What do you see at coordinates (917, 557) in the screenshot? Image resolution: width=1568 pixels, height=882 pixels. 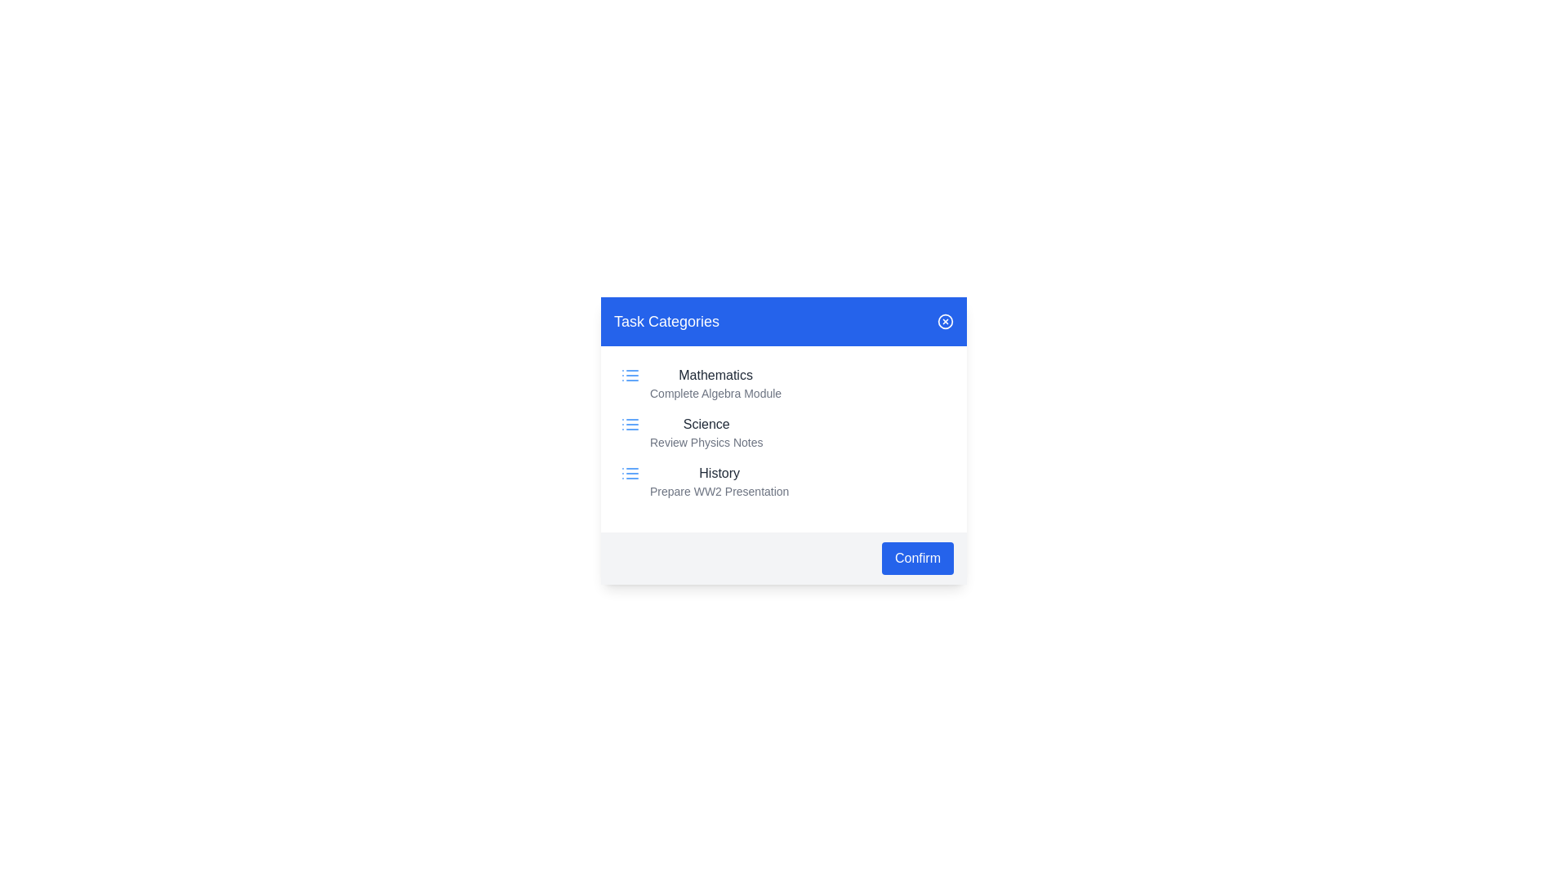 I see `'Confirm' button to confirm the action` at bounding box center [917, 557].